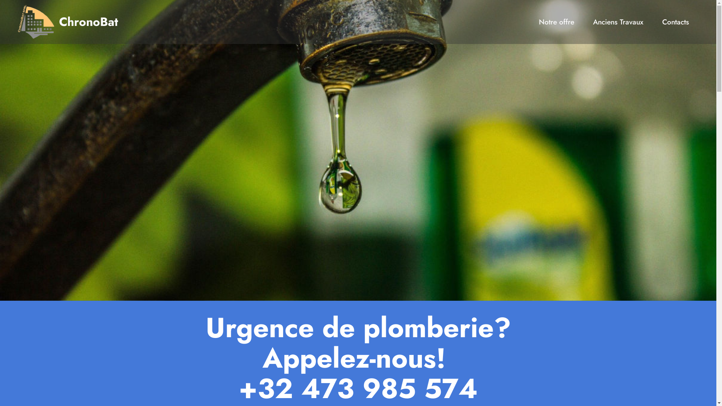  What do you see at coordinates (618, 21) in the screenshot?
I see `'Anciens Travaux'` at bounding box center [618, 21].